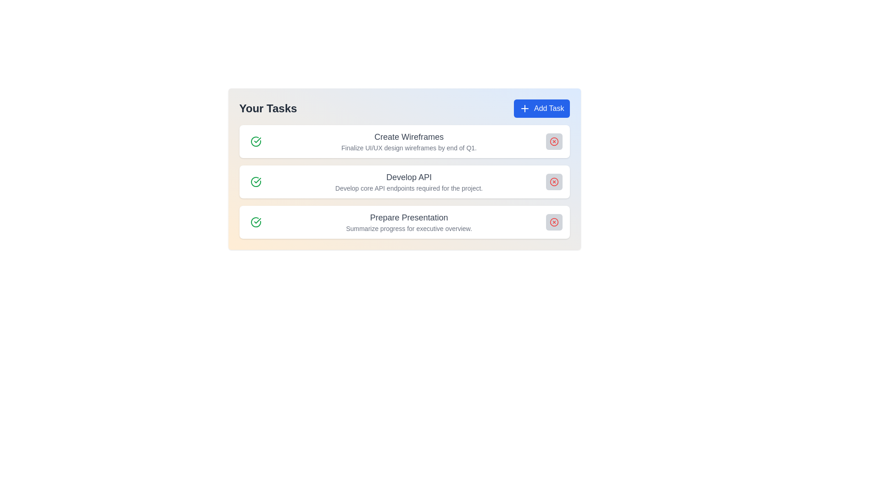 This screenshot has width=881, height=495. I want to click on the Text Display Component displaying 'Prepare Presentation' and 'Summarize progress for executive overview', which is the third item in a vertically stacked list of tasks, so click(408, 222).